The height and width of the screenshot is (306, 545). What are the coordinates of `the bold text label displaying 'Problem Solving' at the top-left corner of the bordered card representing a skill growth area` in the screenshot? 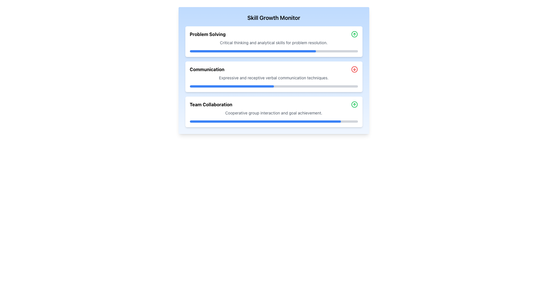 It's located at (207, 34).